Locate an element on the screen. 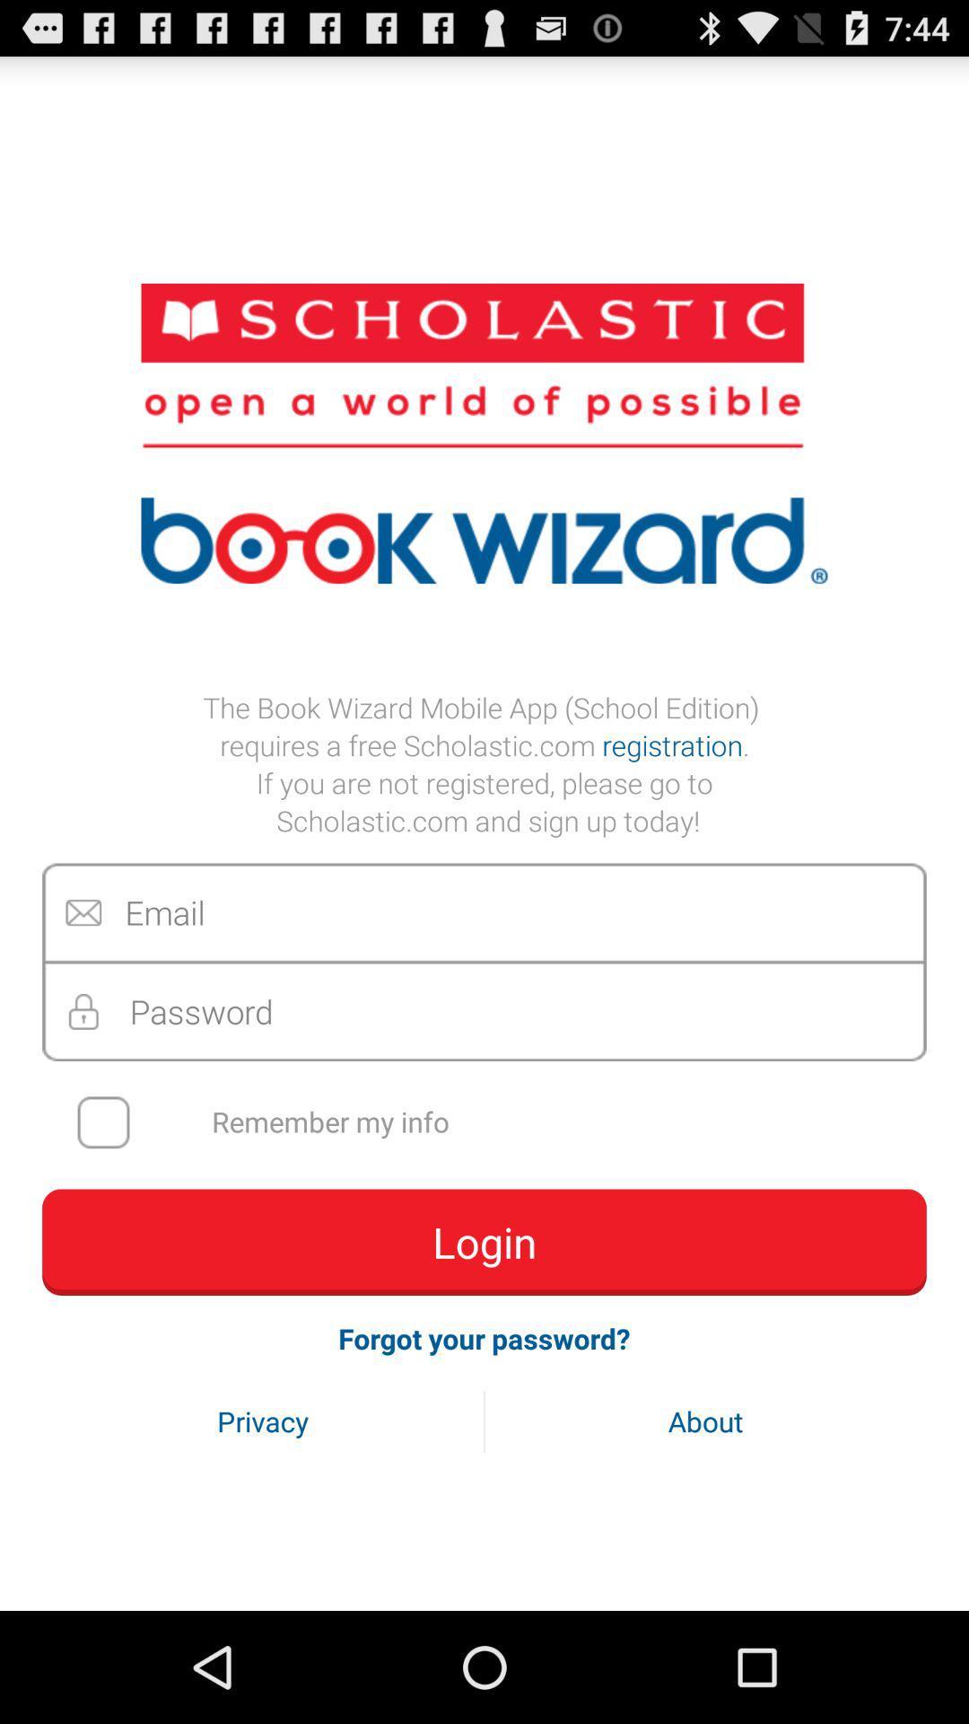 The width and height of the screenshot is (969, 1724). the the book wizard item is located at coordinates (484, 763).